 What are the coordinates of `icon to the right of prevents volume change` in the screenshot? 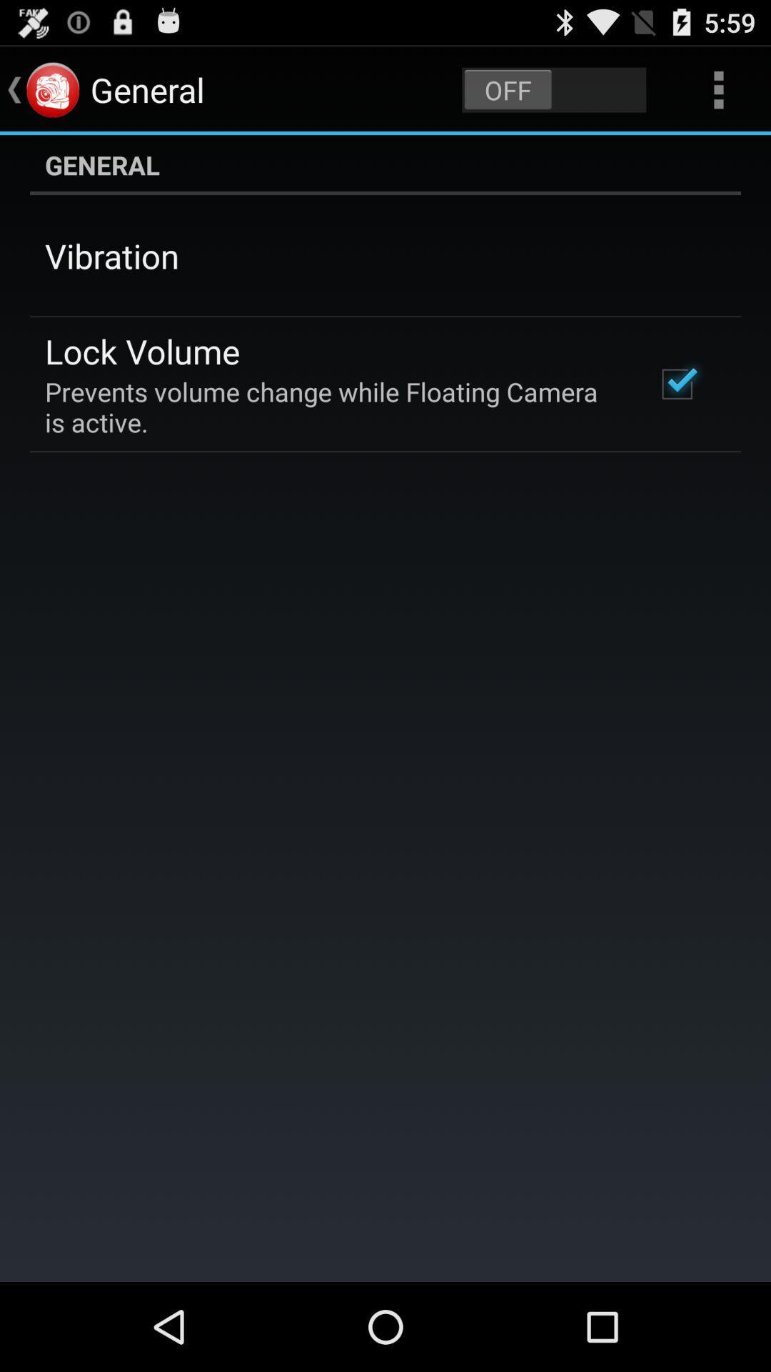 It's located at (676, 384).